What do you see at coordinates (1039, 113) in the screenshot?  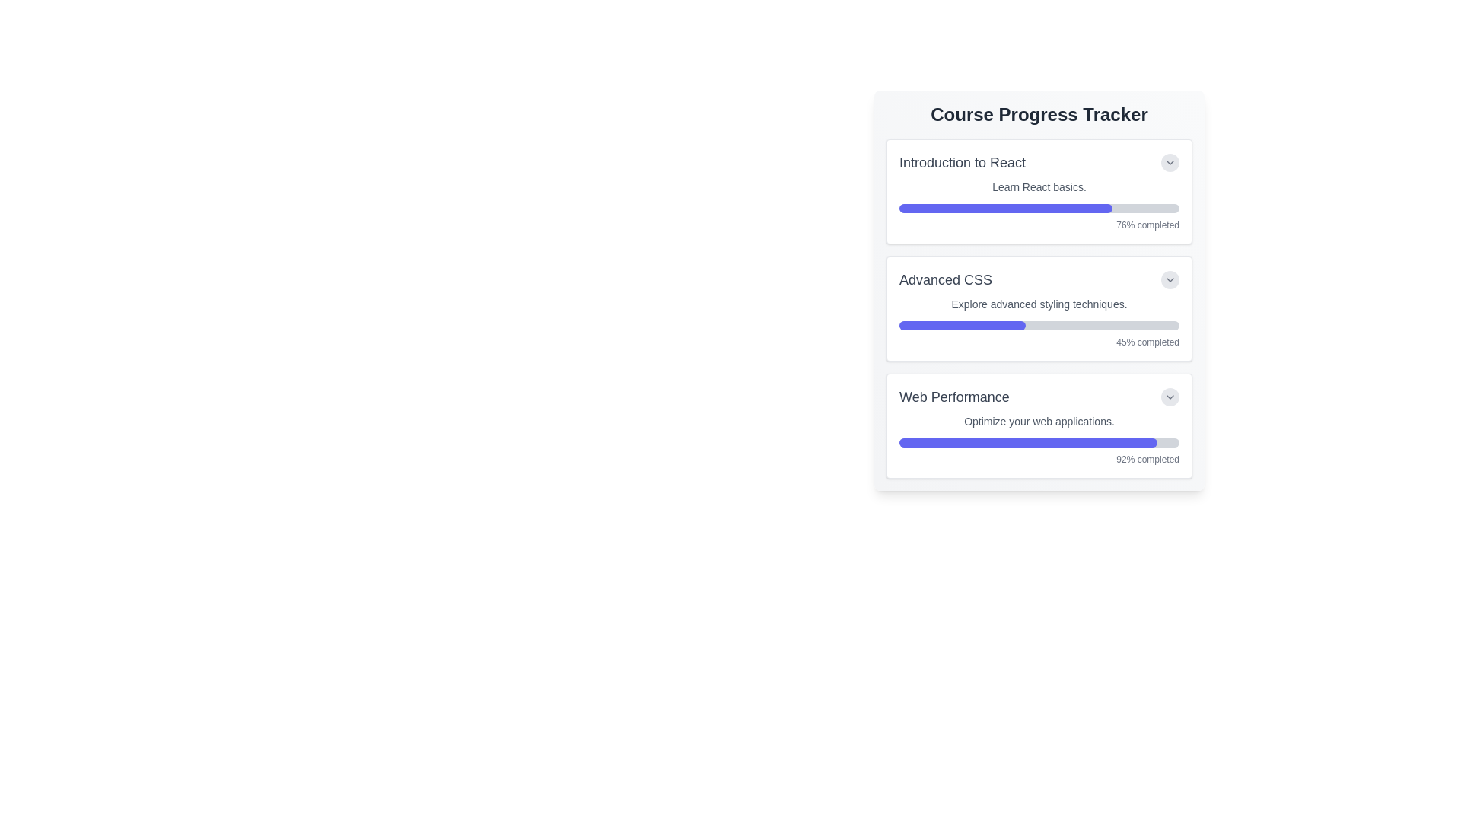 I see `the Text Header element located at the top of the card, which indicates the purpose or content of the section` at bounding box center [1039, 113].